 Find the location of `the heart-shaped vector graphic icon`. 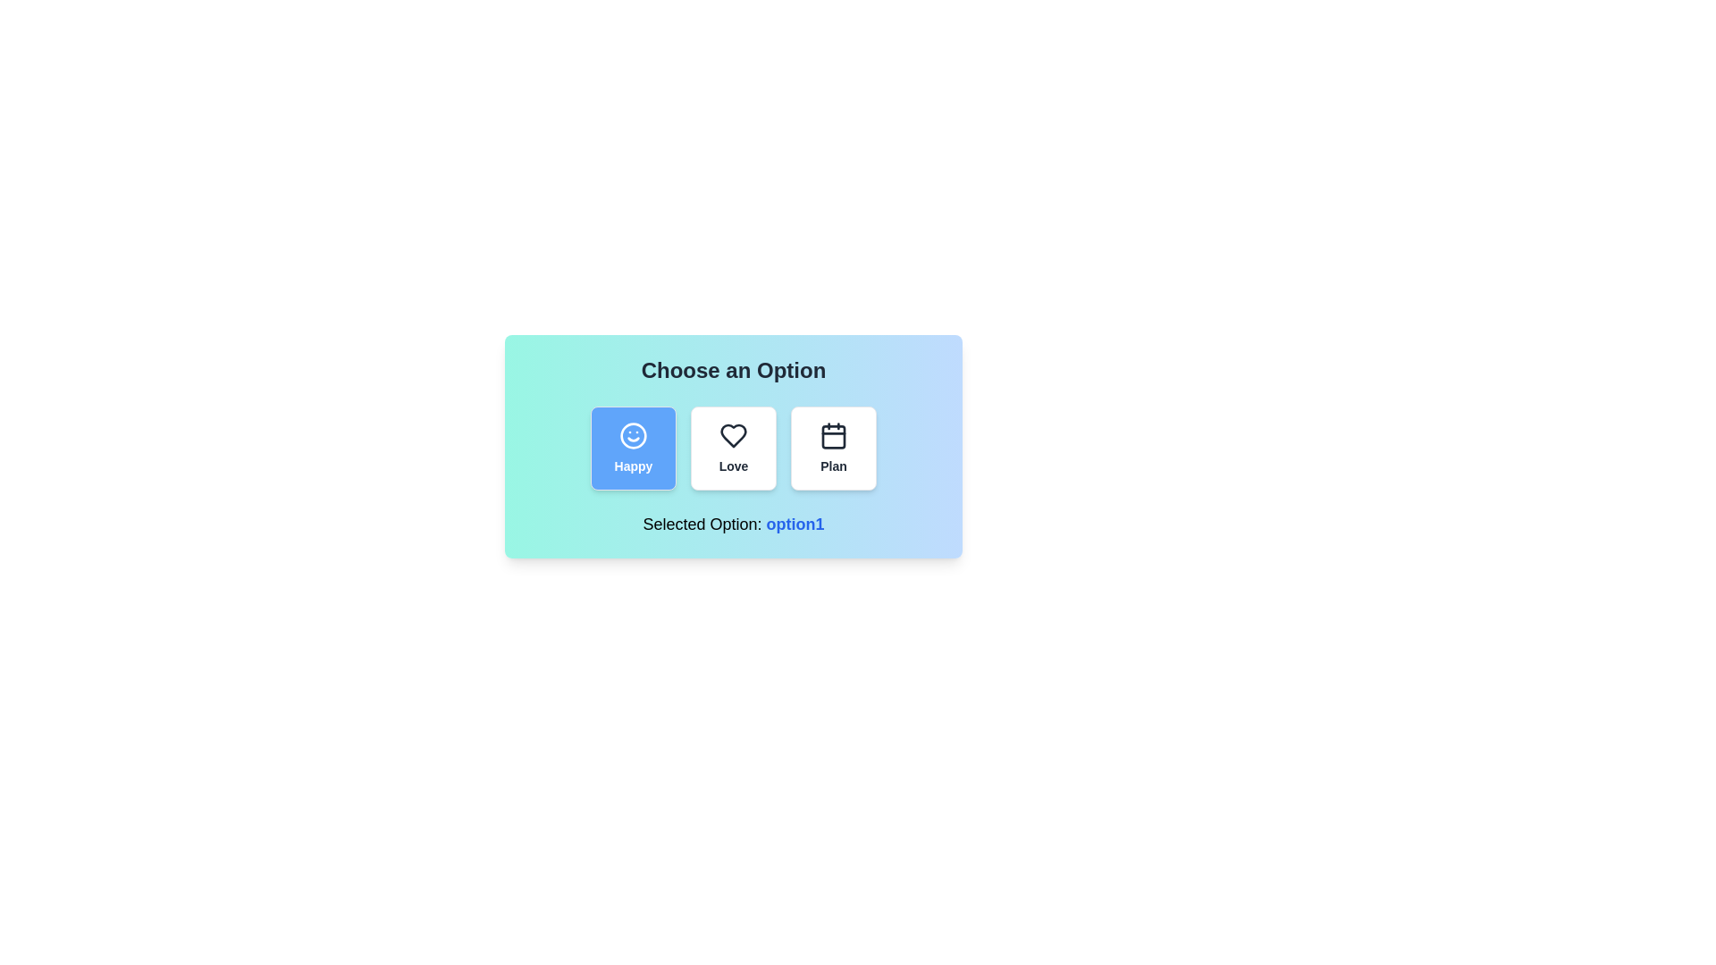

the heart-shaped vector graphic icon is located at coordinates (733, 436).